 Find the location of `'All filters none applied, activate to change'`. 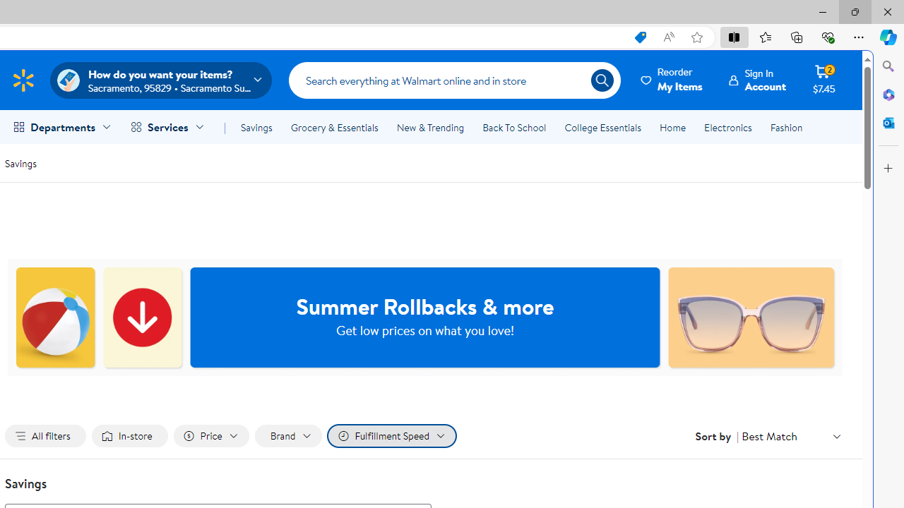

'All filters none applied, activate to change' is located at coordinates (45, 435).